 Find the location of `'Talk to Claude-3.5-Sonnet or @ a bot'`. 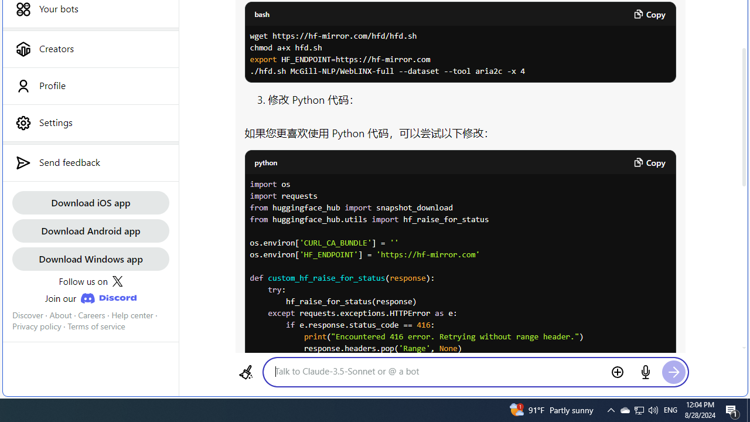

'Talk to Claude-3.5-Sonnet or @ a bot' is located at coordinates (437, 371).